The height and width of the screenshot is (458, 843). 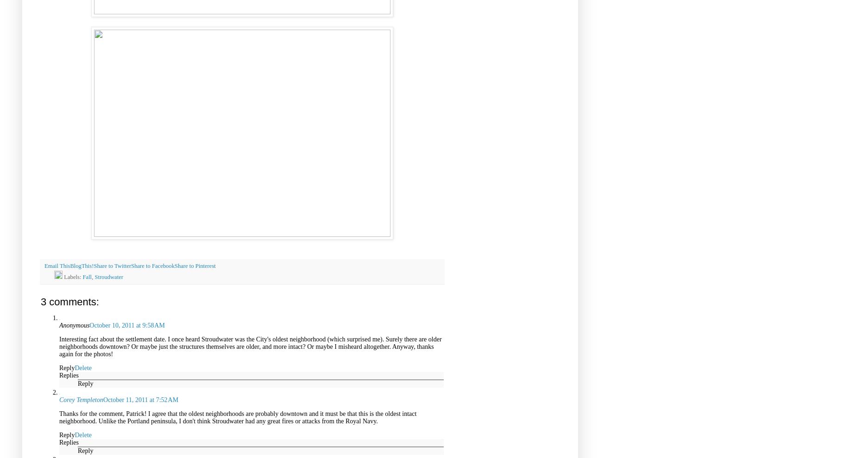 I want to click on 'Interesting fact about the settlement date.  I once heard Stroudwater was the City's oldest neighborhood (which surprised me).  Surely there are older neighborhoods downtown?  Or maybe just the structures themselves are older, and more intact?  Or maybe I misheard altogether.  Anyway, thanks again for the photos!', so click(x=59, y=346).